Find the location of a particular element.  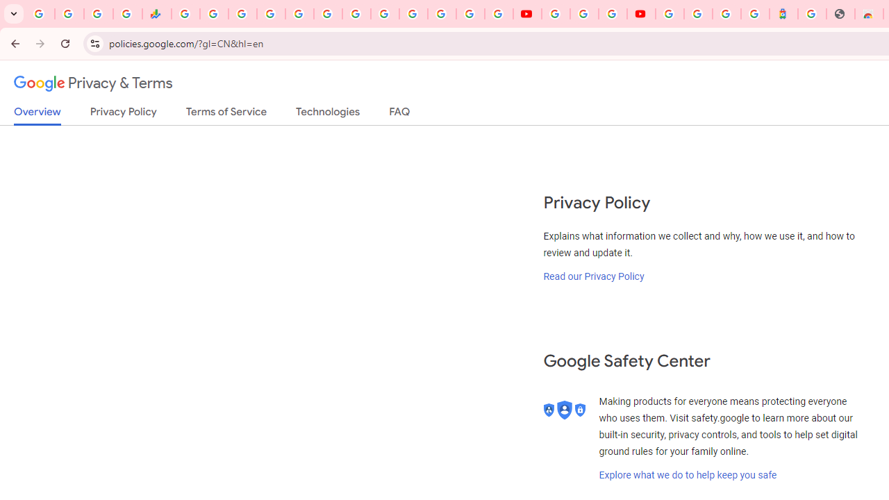

'Read our Privacy Policy' is located at coordinates (594, 276).